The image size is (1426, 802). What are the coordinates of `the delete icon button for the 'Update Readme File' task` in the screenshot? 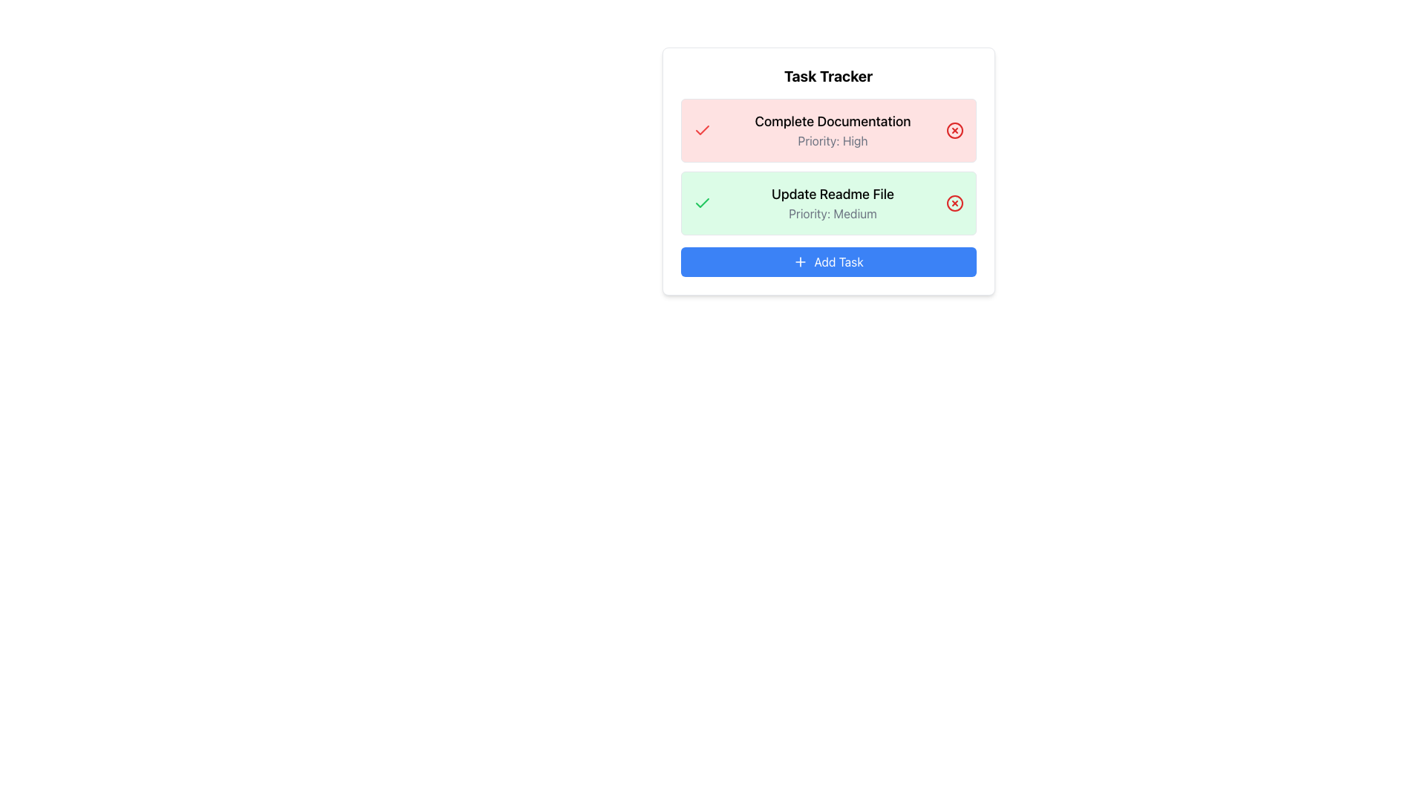 It's located at (954, 203).